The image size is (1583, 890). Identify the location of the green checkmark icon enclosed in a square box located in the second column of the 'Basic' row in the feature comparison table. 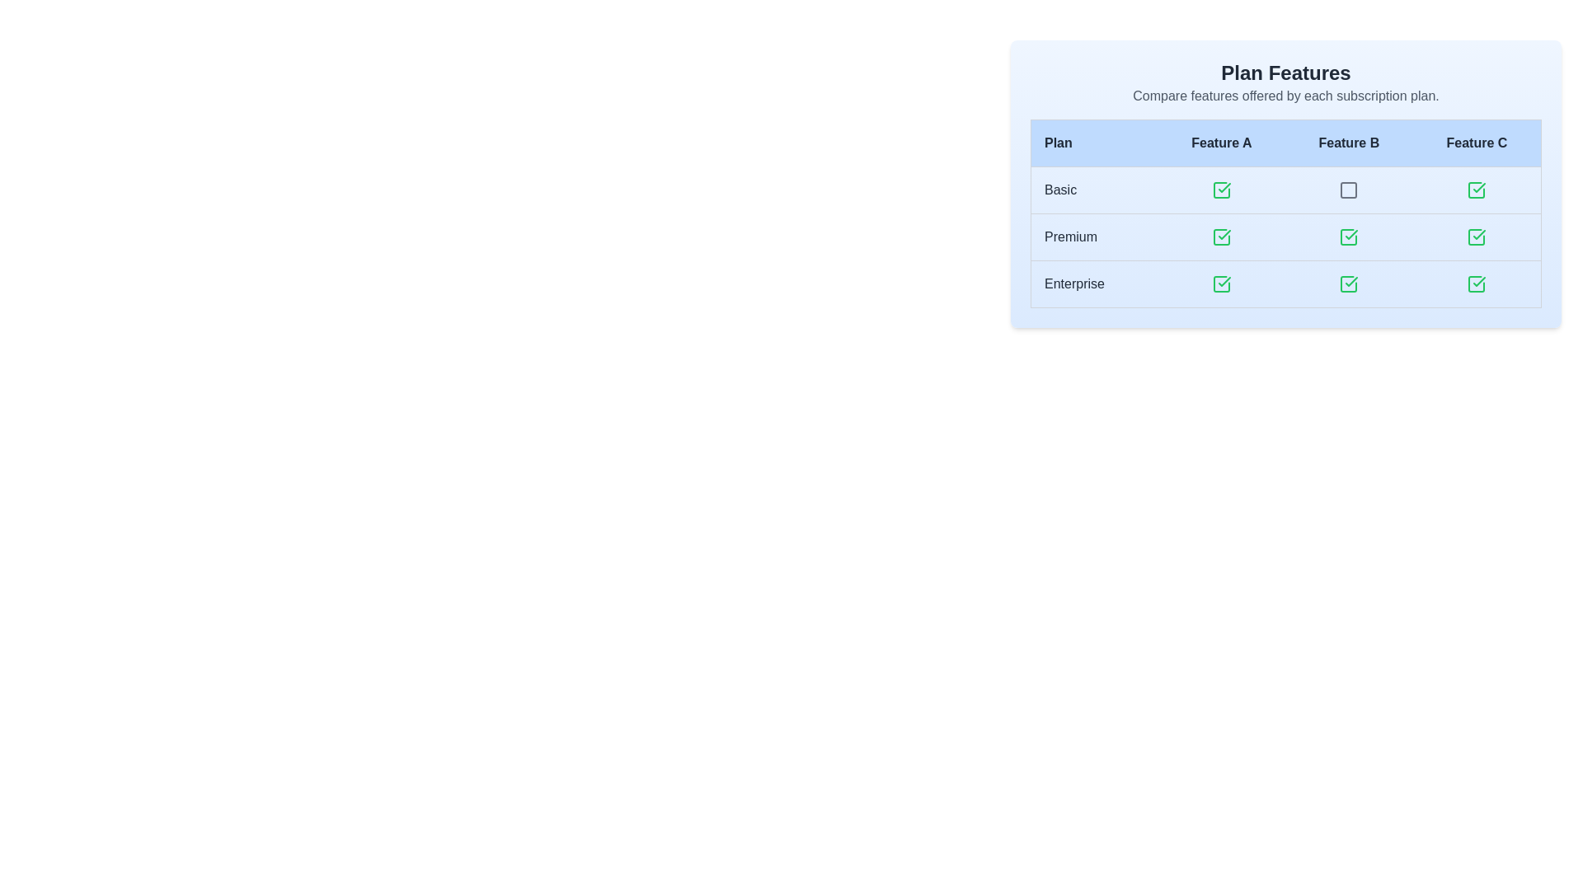
(1221, 190).